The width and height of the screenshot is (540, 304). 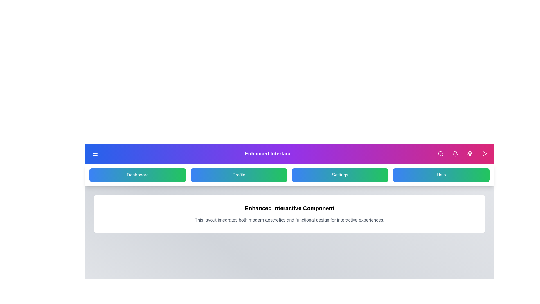 I want to click on the 'Settings' navigation button, so click(x=340, y=175).